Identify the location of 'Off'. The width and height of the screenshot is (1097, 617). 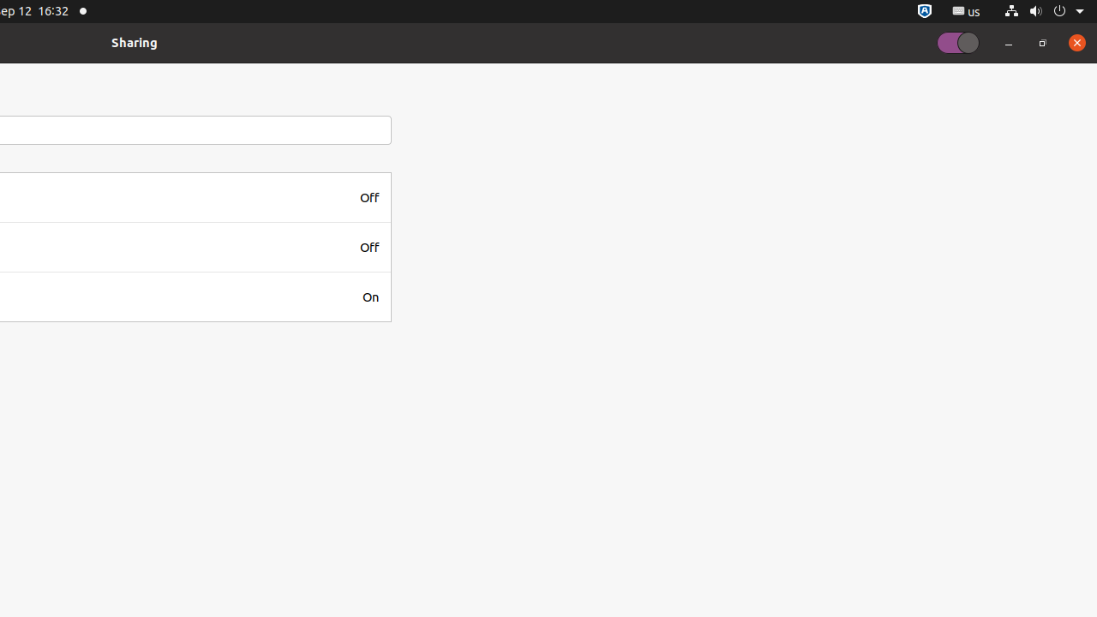
(368, 196).